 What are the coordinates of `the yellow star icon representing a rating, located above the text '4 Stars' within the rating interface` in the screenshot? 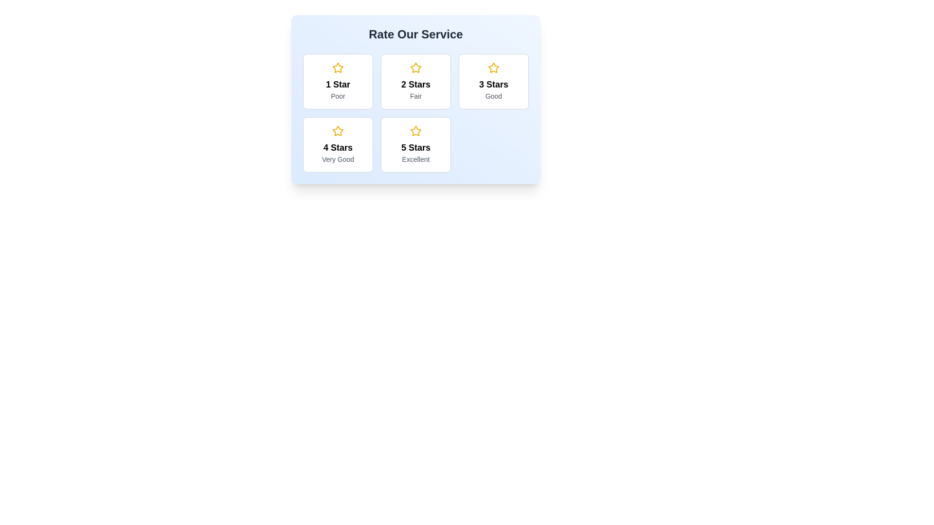 It's located at (338, 131).